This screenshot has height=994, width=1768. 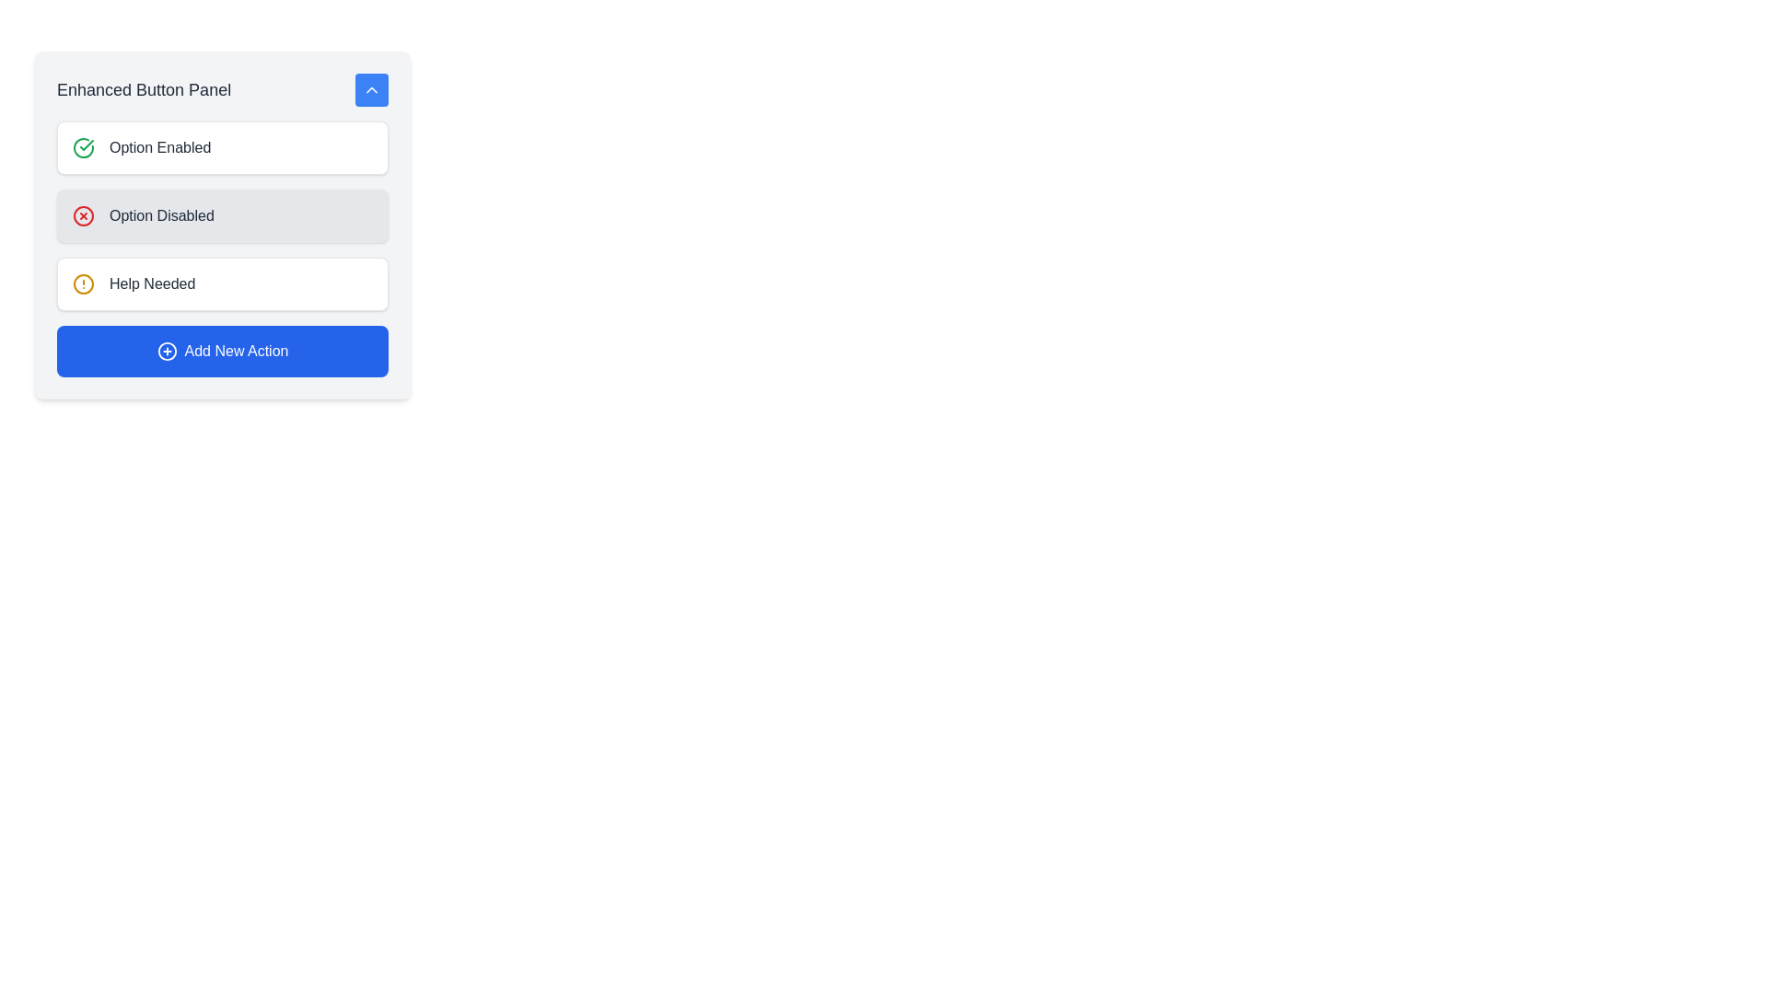 What do you see at coordinates (370, 89) in the screenshot?
I see `the upward arrow button located at the top-right corner of the 'Enhanced Button Panel'` at bounding box center [370, 89].